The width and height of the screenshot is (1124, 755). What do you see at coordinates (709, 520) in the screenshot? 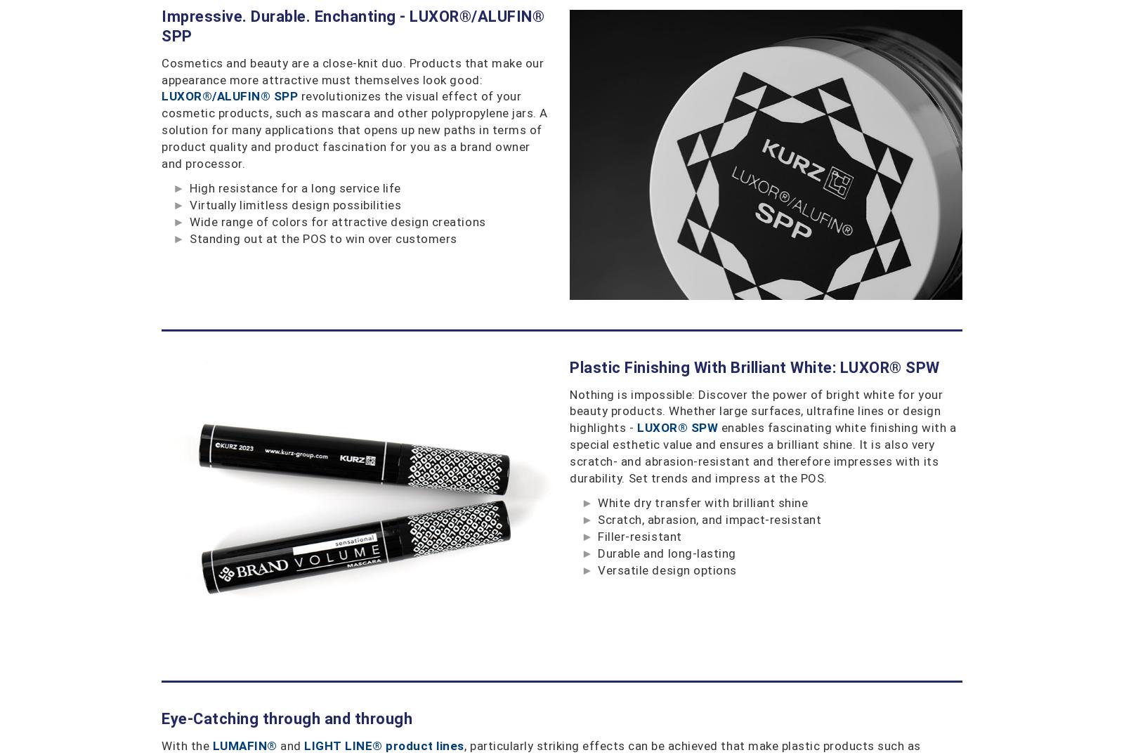
I see `'Scratch, abrasion, and impact-resistant'` at bounding box center [709, 520].